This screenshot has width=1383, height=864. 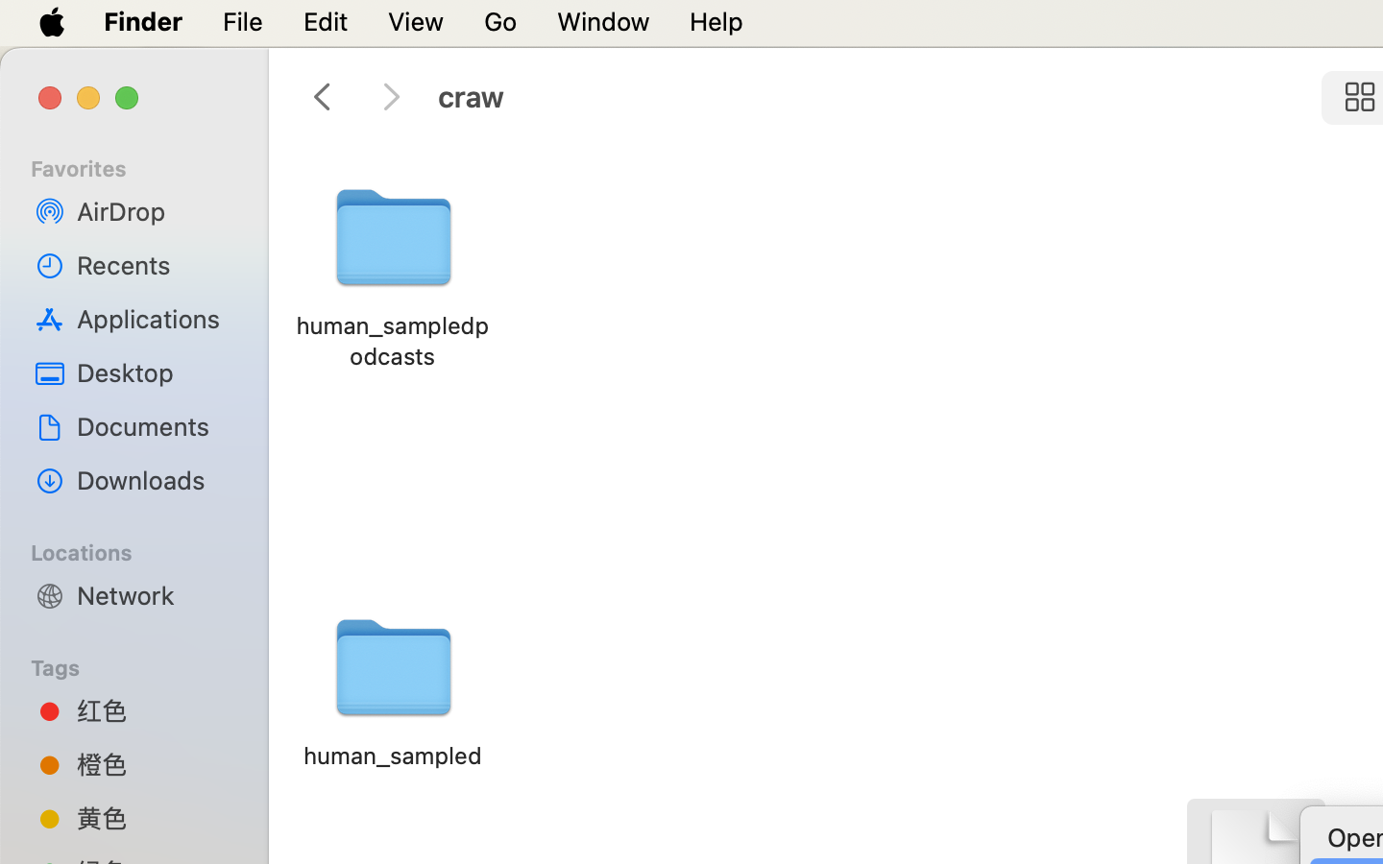 What do you see at coordinates (144, 664) in the screenshot?
I see `'Tags'` at bounding box center [144, 664].